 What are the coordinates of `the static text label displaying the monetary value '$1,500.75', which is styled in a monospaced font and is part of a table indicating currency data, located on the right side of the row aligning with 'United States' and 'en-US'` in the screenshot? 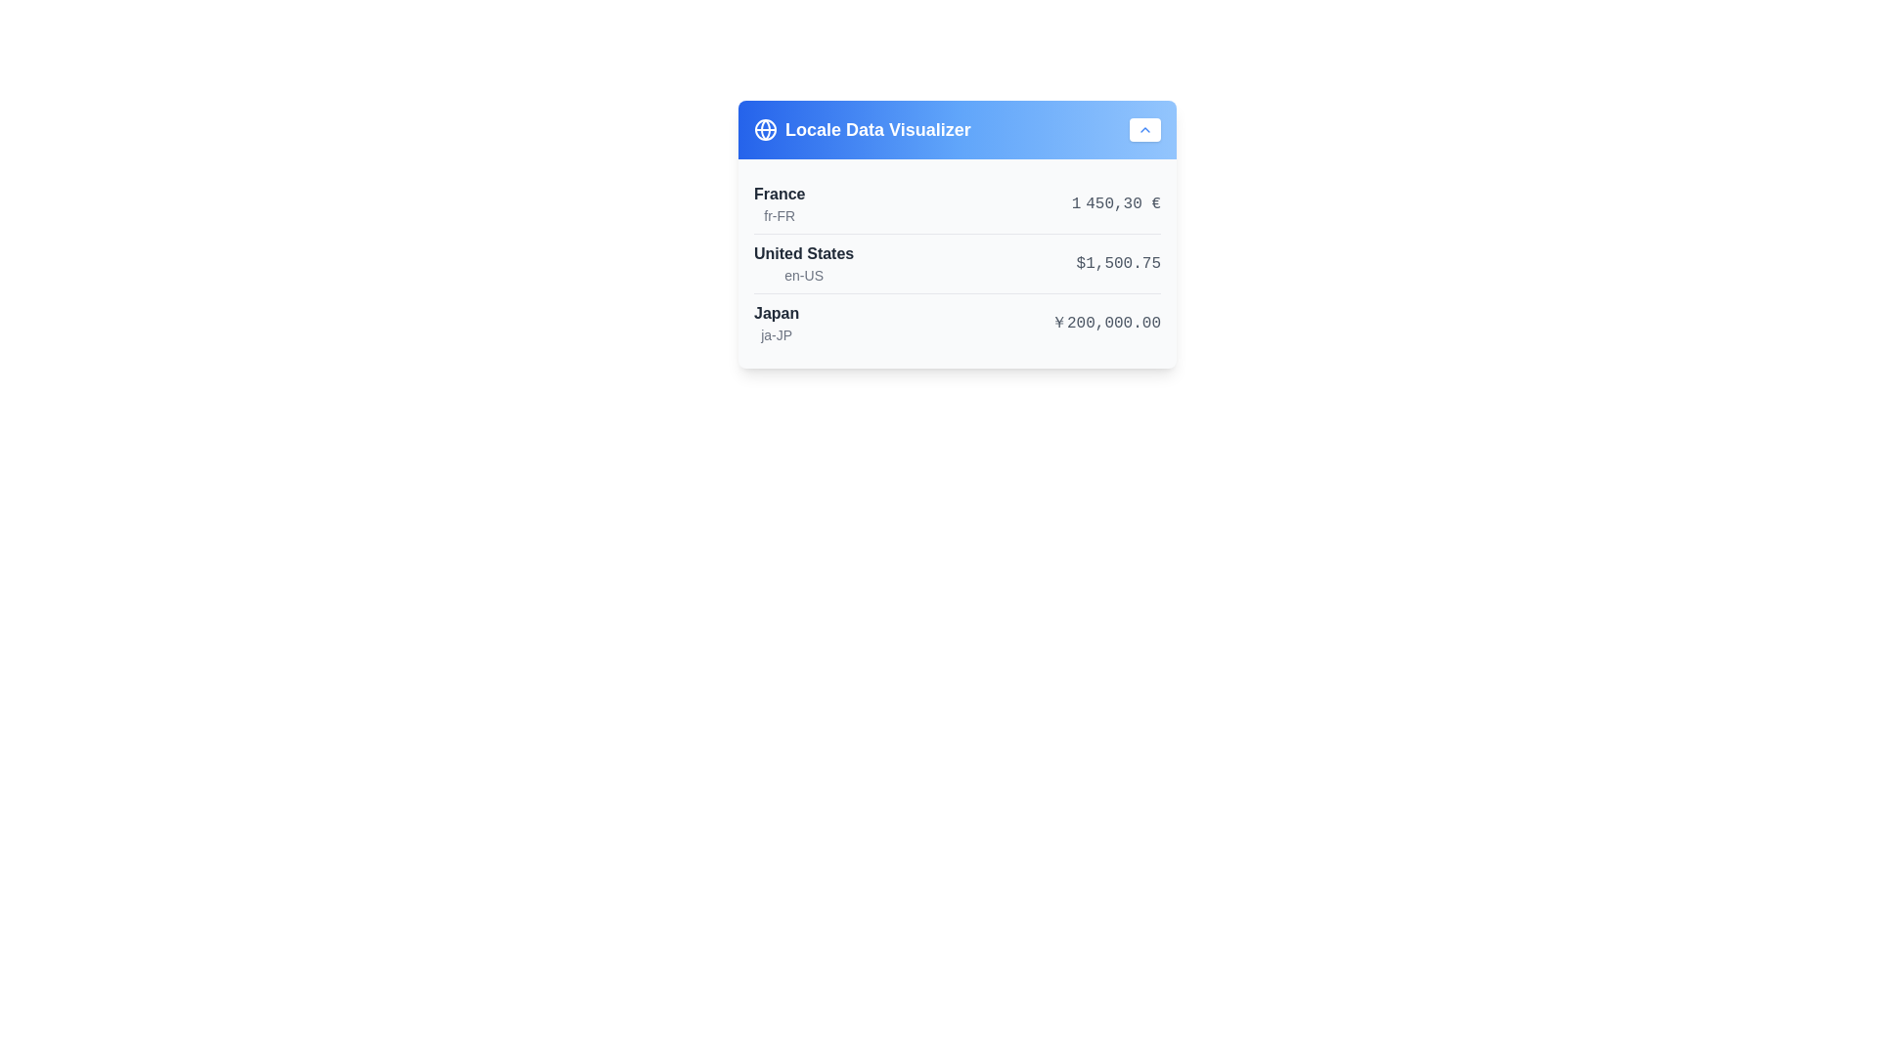 It's located at (1118, 264).